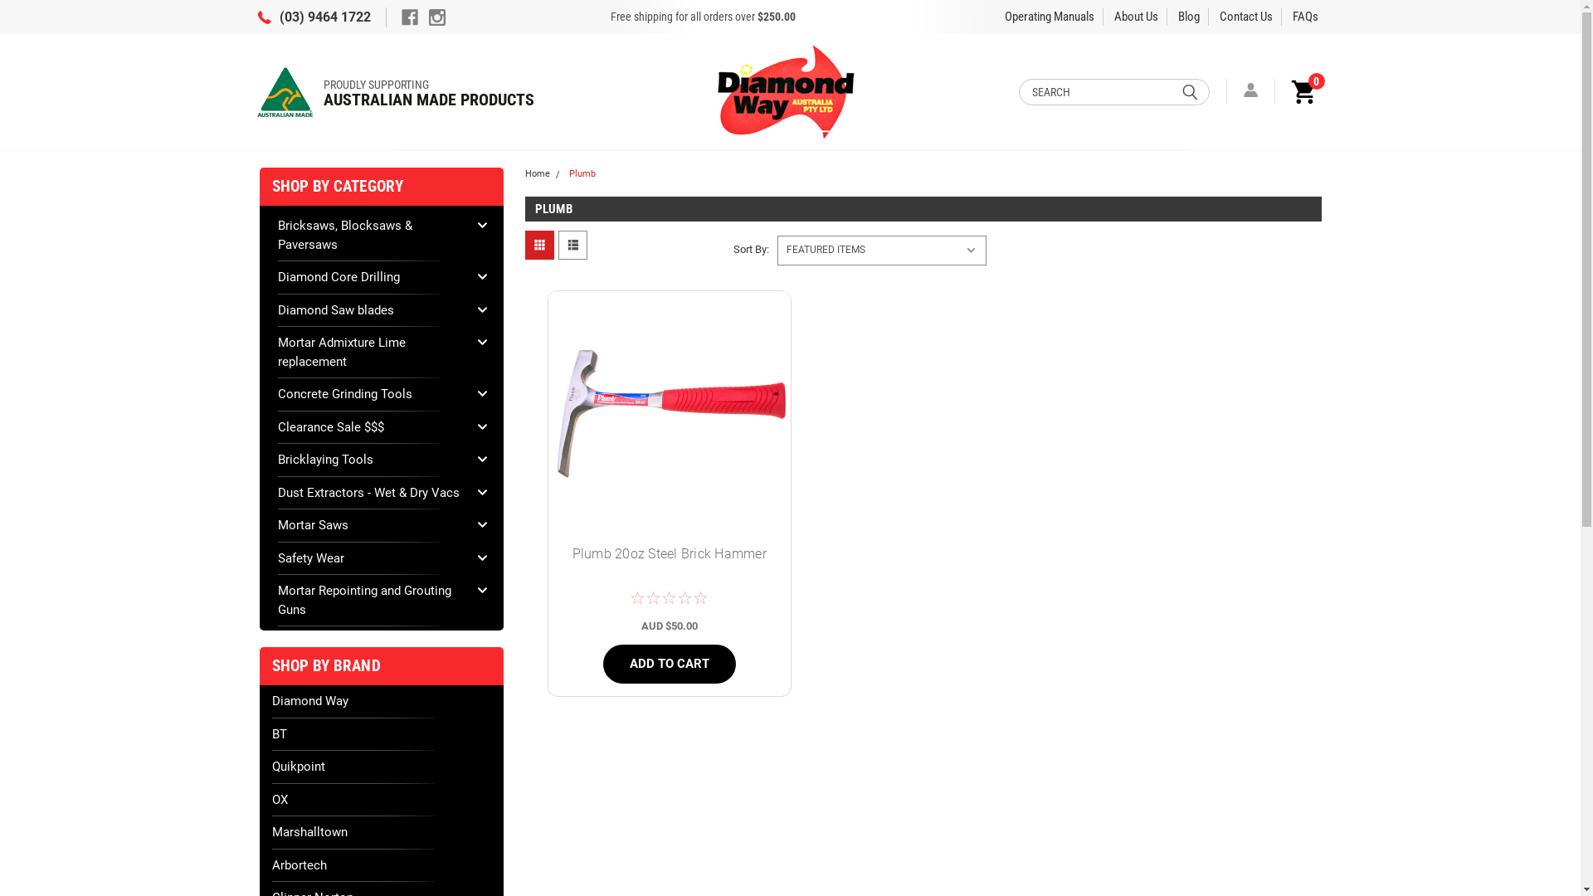 The width and height of the screenshot is (1593, 896). I want to click on 'Plumb 20oz Brick Hammer (Steel Handle)', so click(669, 411).